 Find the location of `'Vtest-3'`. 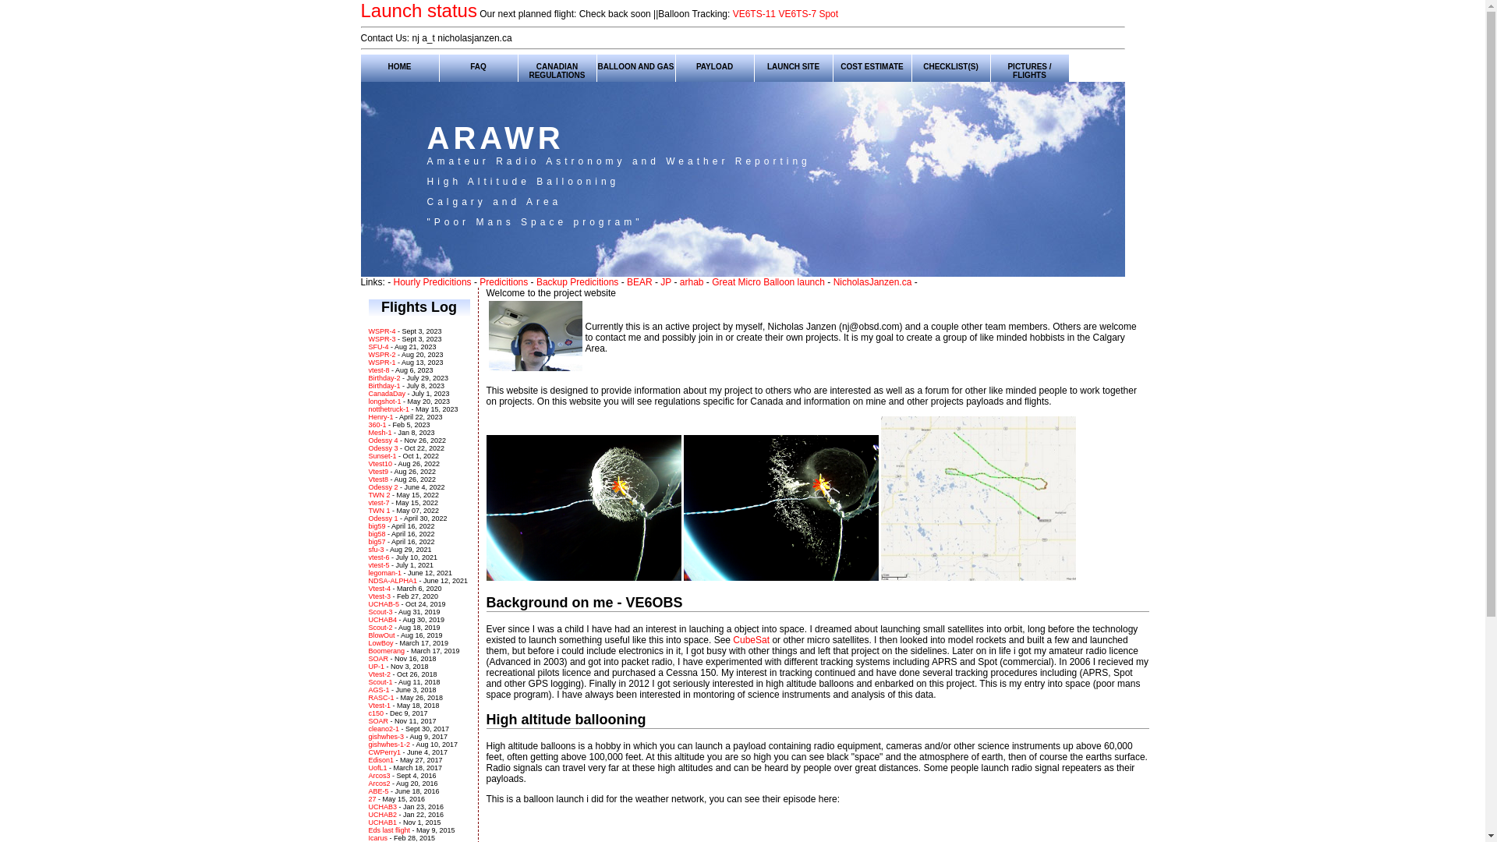

'Vtest-3' is located at coordinates (366, 596).